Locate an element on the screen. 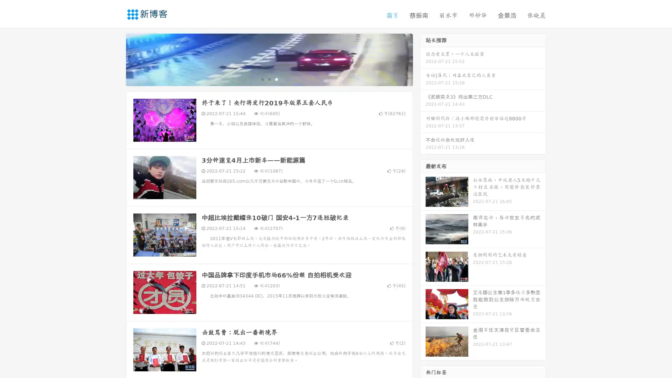  Go to slide 2 is located at coordinates (269, 79).